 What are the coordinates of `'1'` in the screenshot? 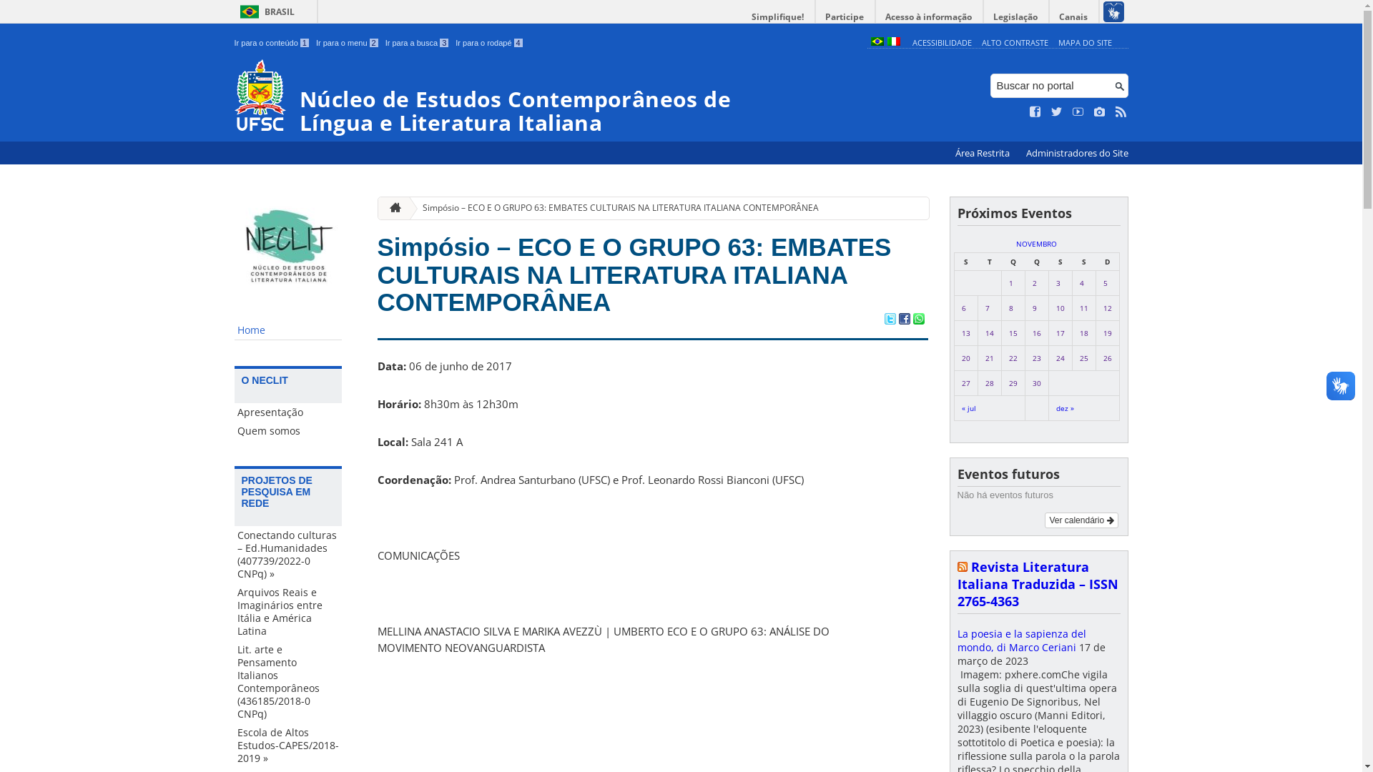 It's located at (1009, 283).